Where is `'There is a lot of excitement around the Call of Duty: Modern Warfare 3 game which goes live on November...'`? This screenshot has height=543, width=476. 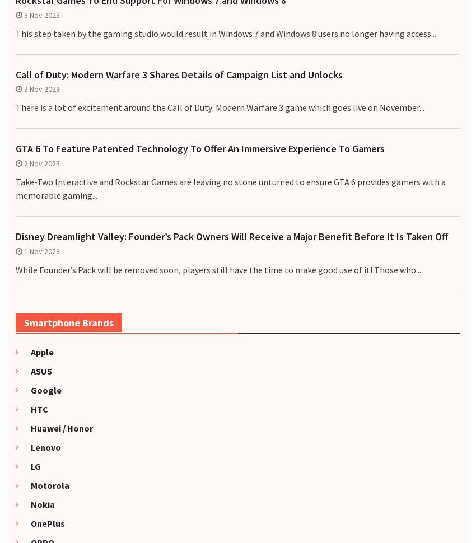 'There is a lot of excitement around the Call of Duty: Modern Warfare 3 game which goes live on November...' is located at coordinates (220, 106).